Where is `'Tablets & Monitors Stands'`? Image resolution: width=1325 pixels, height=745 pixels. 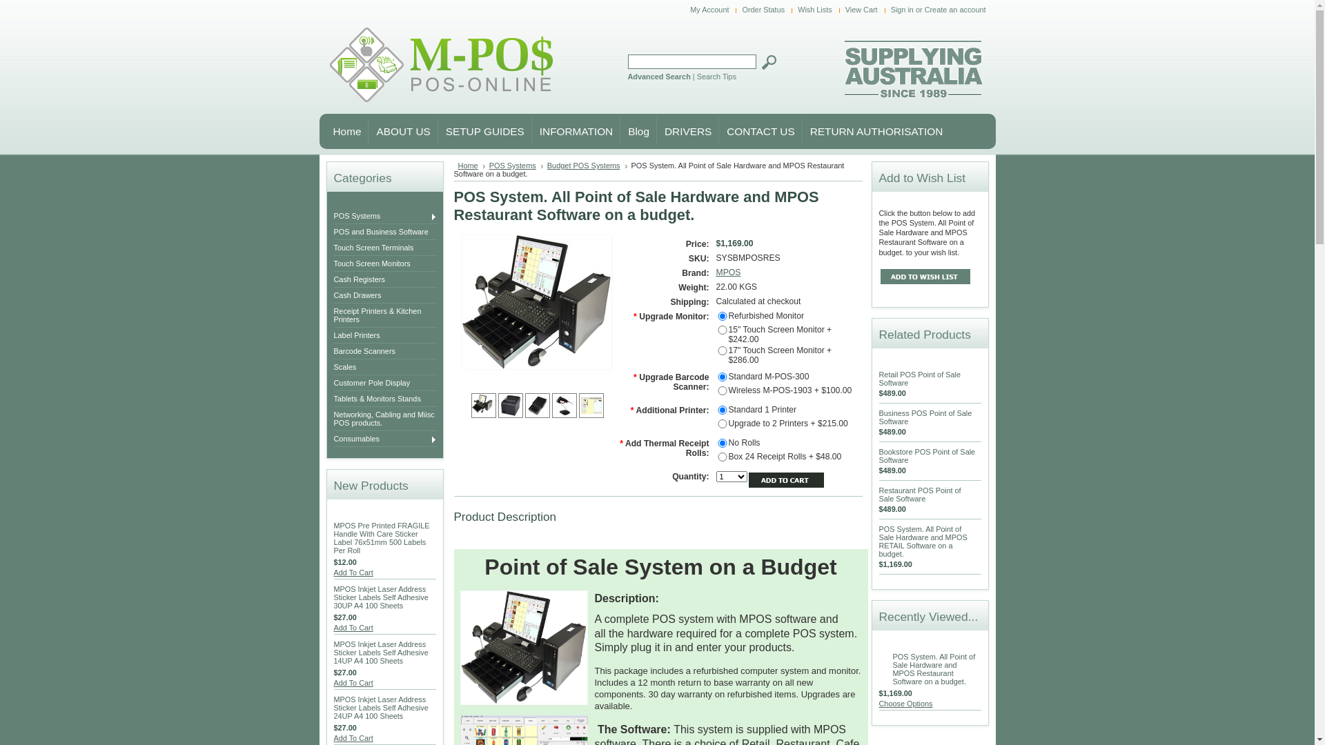 'Tablets & Monitors Stands' is located at coordinates (387, 399).